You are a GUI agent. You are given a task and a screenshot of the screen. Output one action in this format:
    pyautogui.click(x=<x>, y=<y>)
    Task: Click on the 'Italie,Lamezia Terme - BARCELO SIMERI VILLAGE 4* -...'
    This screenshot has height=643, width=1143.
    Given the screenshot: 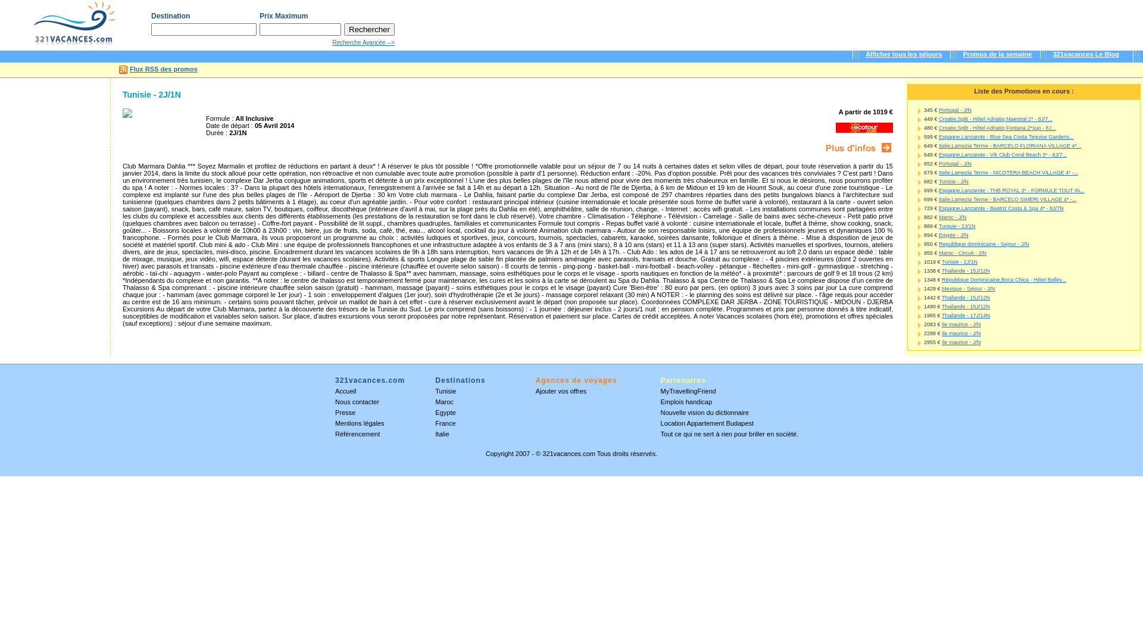 What is the action you would take?
    pyautogui.click(x=1007, y=199)
    